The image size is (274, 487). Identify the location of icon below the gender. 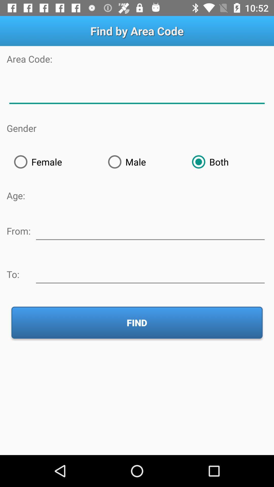
(54, 162).